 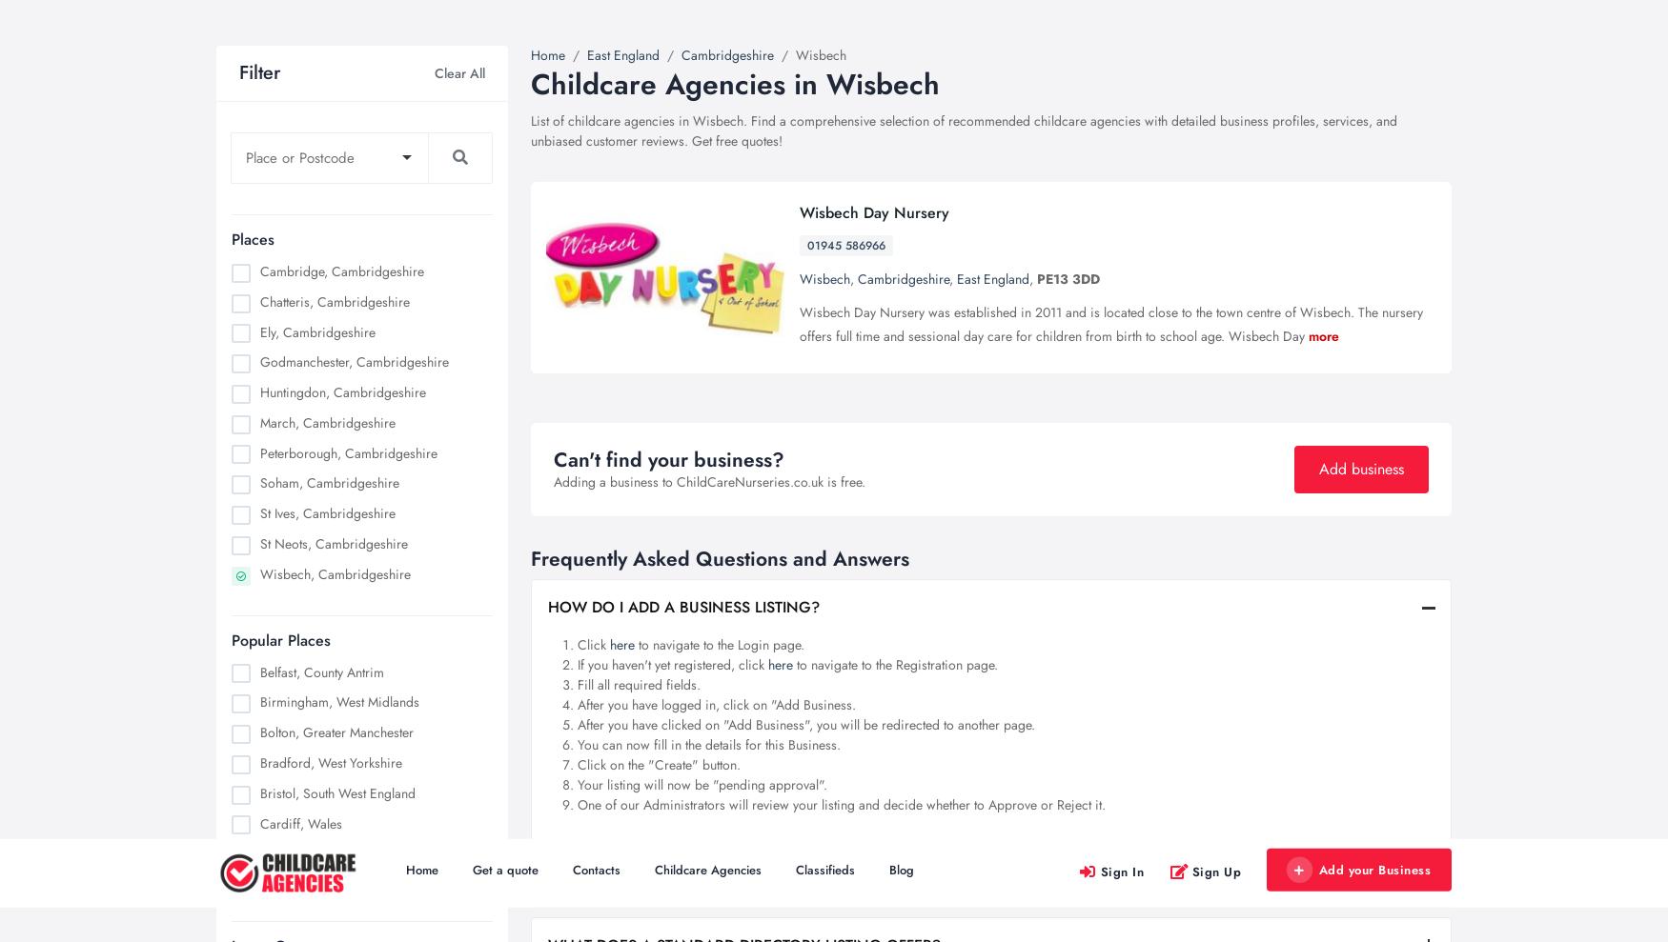 What do you see at coordinates (364, 301) in the screenshot?
I see `'Newcastle upon Tyne, Tyne and Wear'` at bounding box center [364, 301].